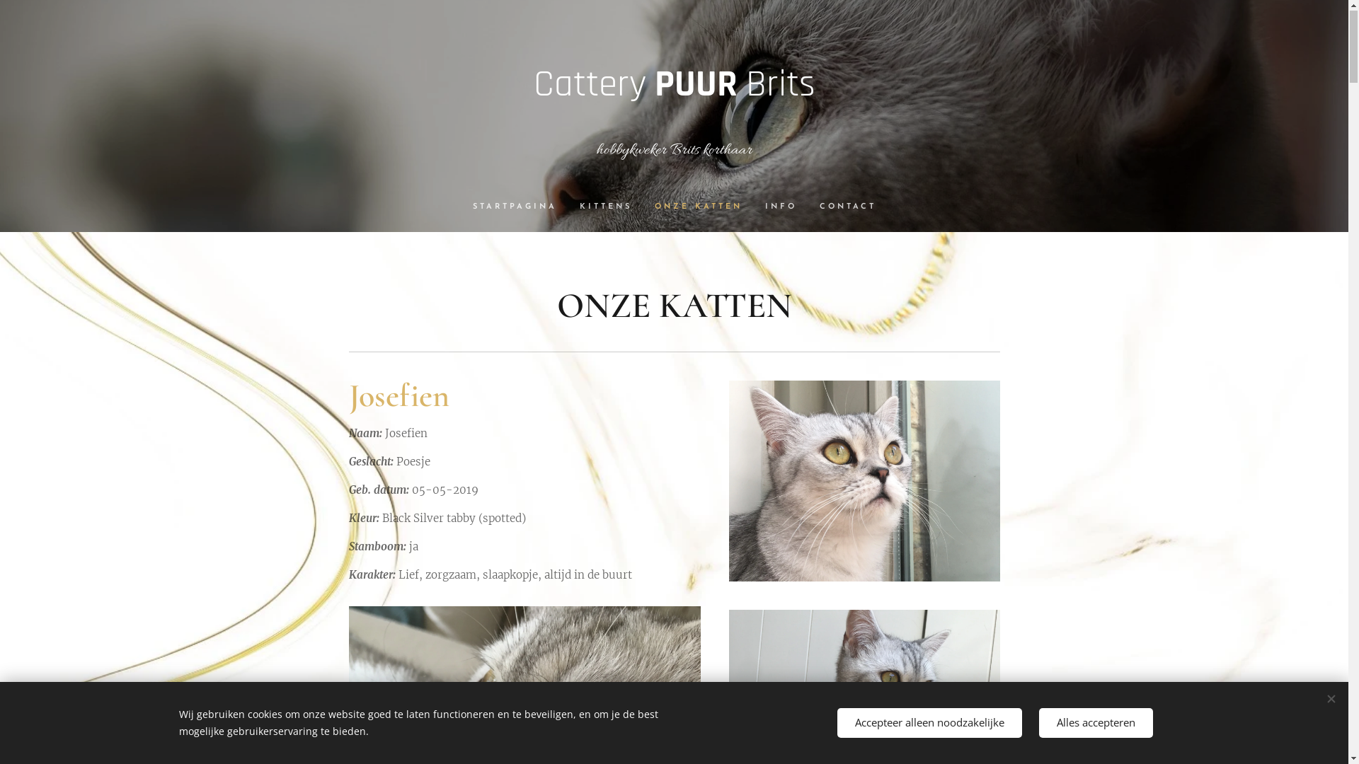  I want to click on 'INFO', so click(752, 207).